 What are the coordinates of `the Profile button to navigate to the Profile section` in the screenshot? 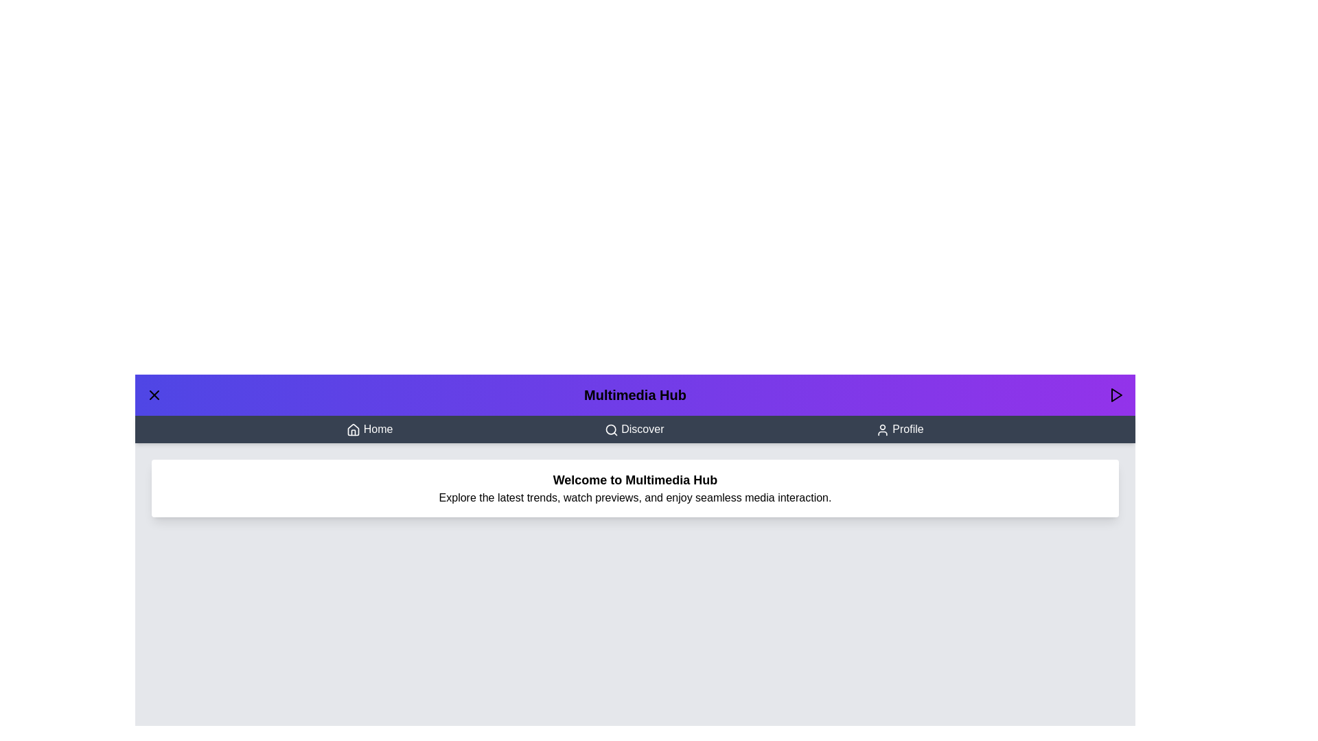 It's located at (899, 428).